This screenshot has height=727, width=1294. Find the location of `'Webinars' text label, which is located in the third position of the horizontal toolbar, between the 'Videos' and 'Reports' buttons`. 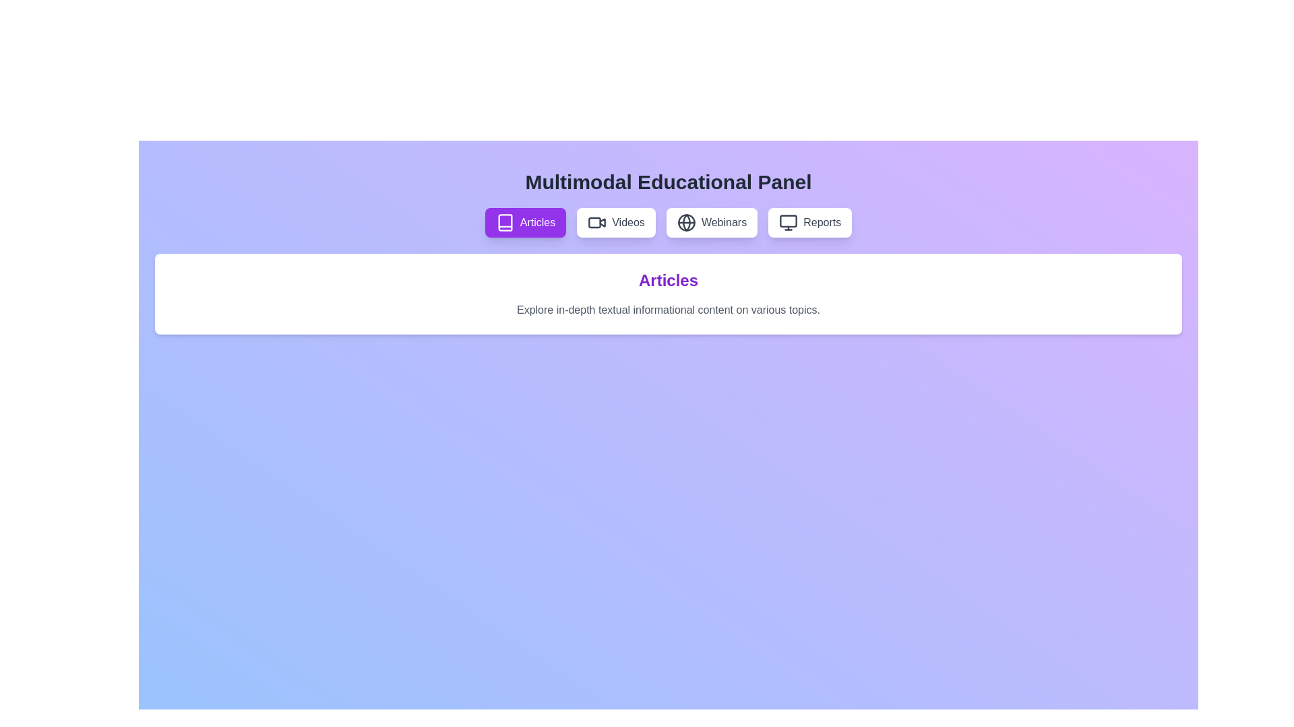

'Webinars' text label, which is located in the third position of the horizontal toolbar, between the 'Videos' and 'Reports' buttons is located at coordinates (723, 222).